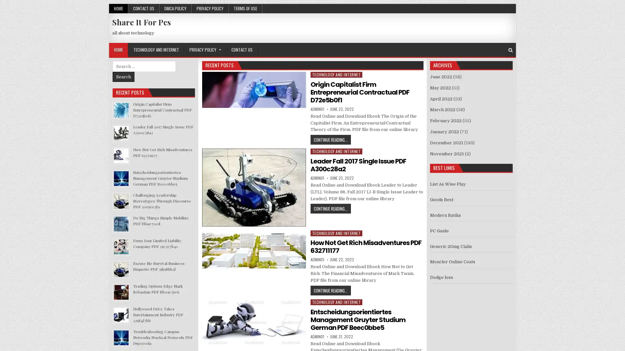  Describe the element at coordinates (123, 76) in the screenshot. I see `Search` at that location.